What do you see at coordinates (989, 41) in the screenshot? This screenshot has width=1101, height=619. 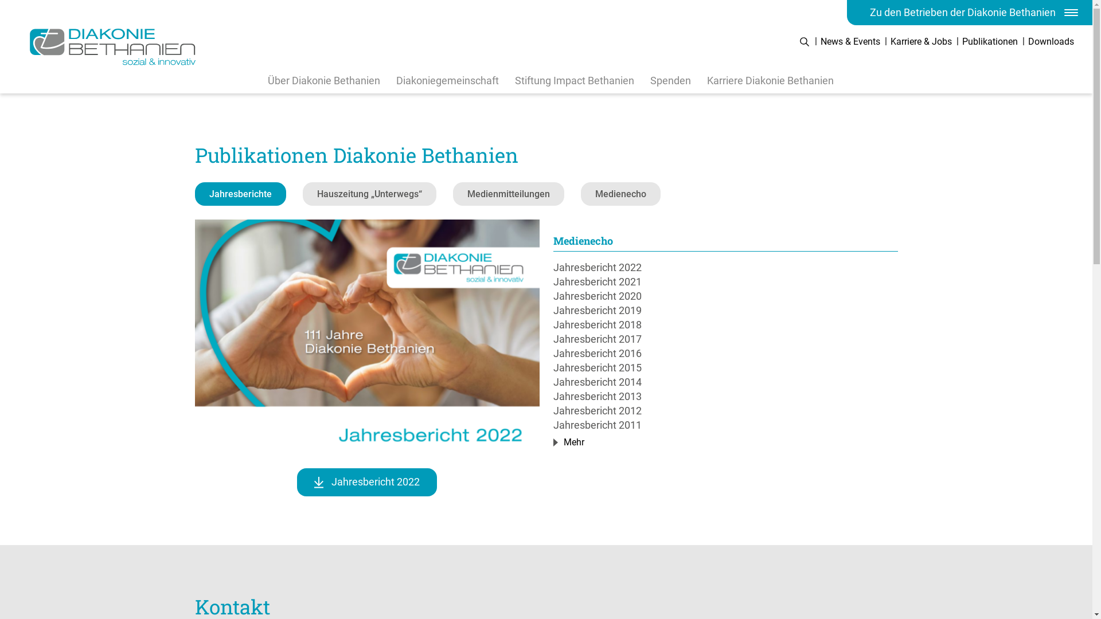 I see `'Publikationen'` at bounding box center [989, 41].